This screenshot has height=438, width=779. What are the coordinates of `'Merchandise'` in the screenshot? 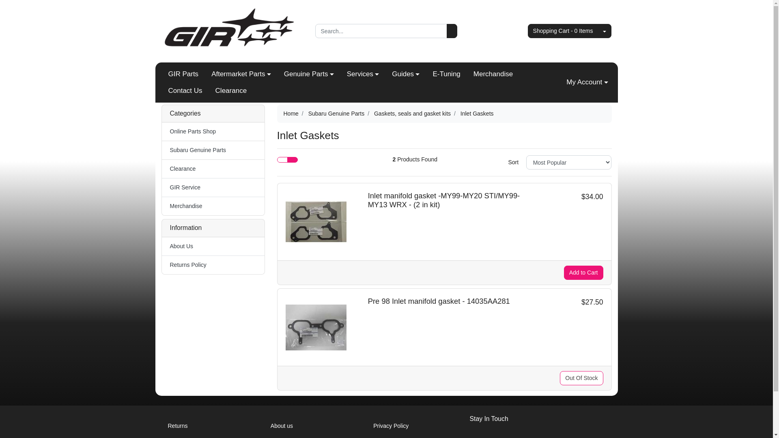 It's located at (213, 206).